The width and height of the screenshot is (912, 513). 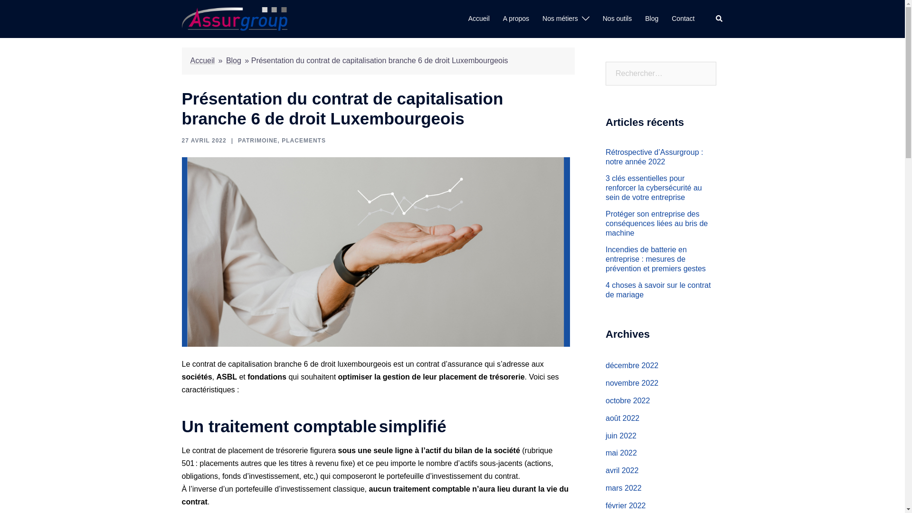 I want to click on 'Blog', so click(x=233, y=60).